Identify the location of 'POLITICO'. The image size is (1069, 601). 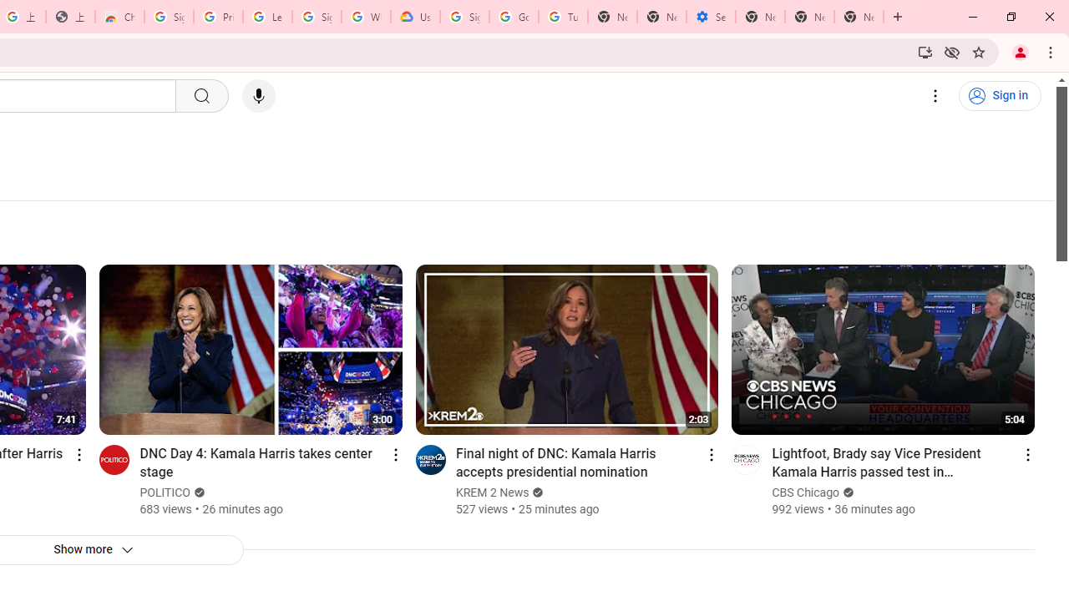
(165, 492).